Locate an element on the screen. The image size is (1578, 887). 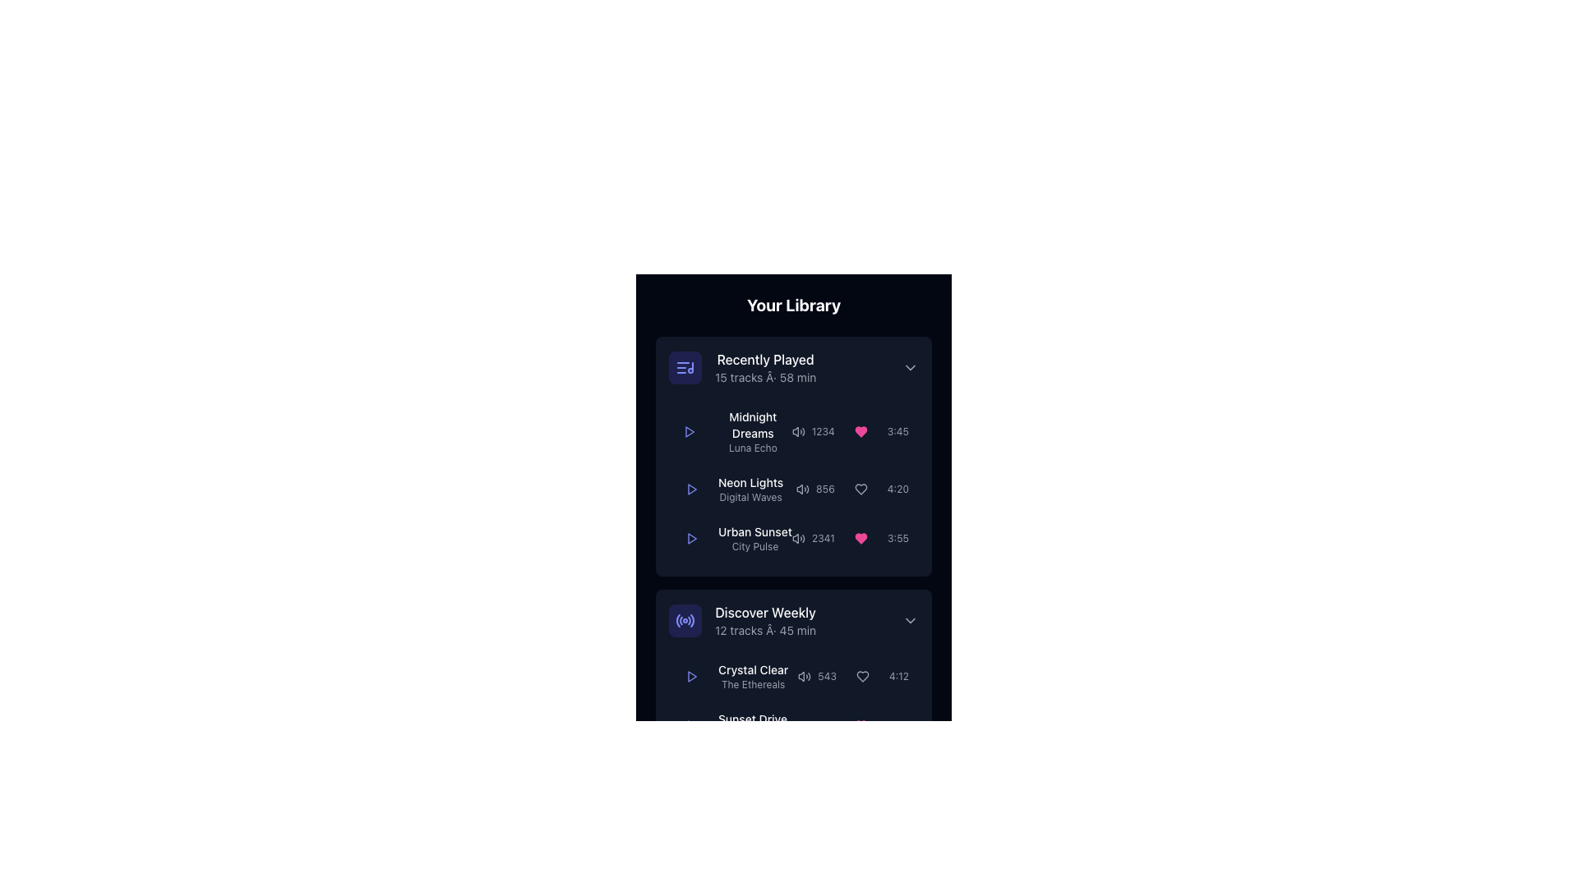
the 'Discover Weekly' playlist entry, identified by its indigo icon and white title is located at coordinates (741, 621).